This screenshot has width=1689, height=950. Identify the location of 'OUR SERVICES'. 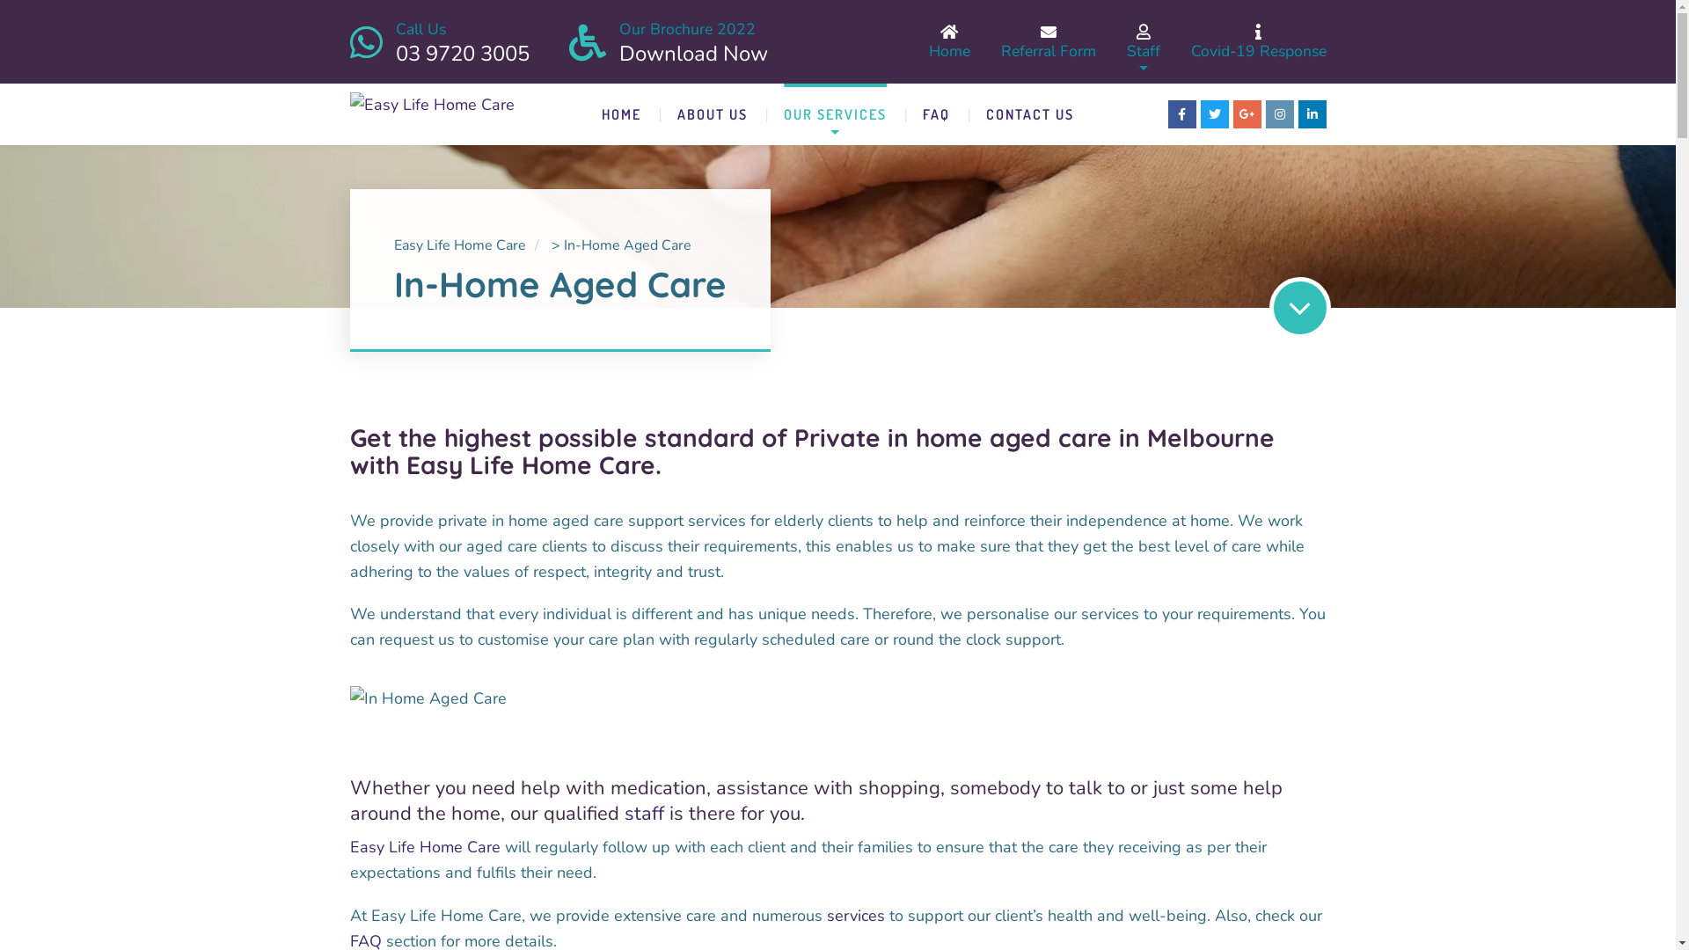
(834, 114).